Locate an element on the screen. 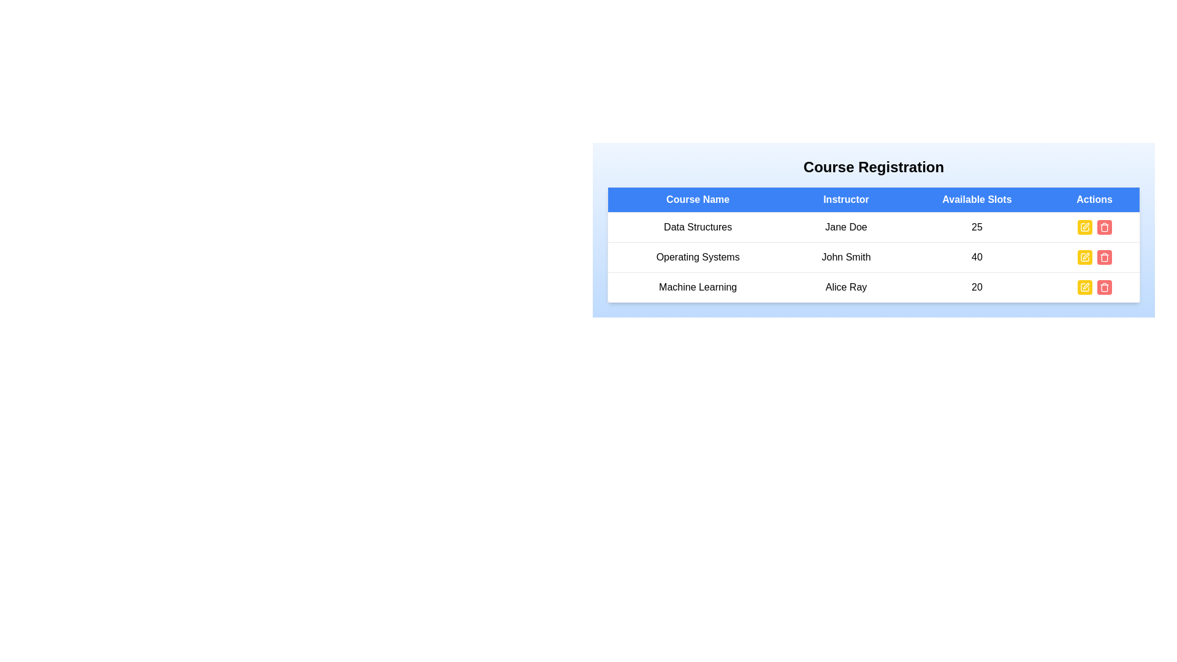 This screenshot has width=1177, height=662. edit button for the course Operating Systems is located at coordinates (1084, 257).